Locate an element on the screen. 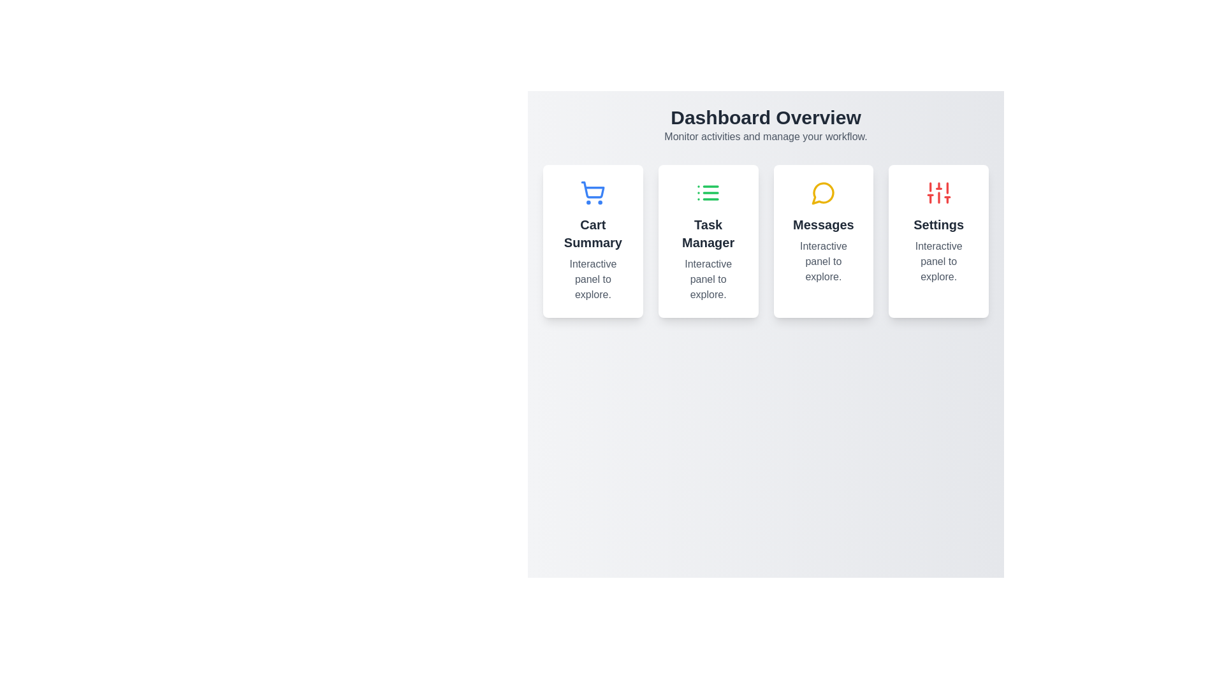 The height and width of the screenshot is (688, 1224). the Settings Card component located in the fourth column of the grid layout is located at coordinates (938, 241).